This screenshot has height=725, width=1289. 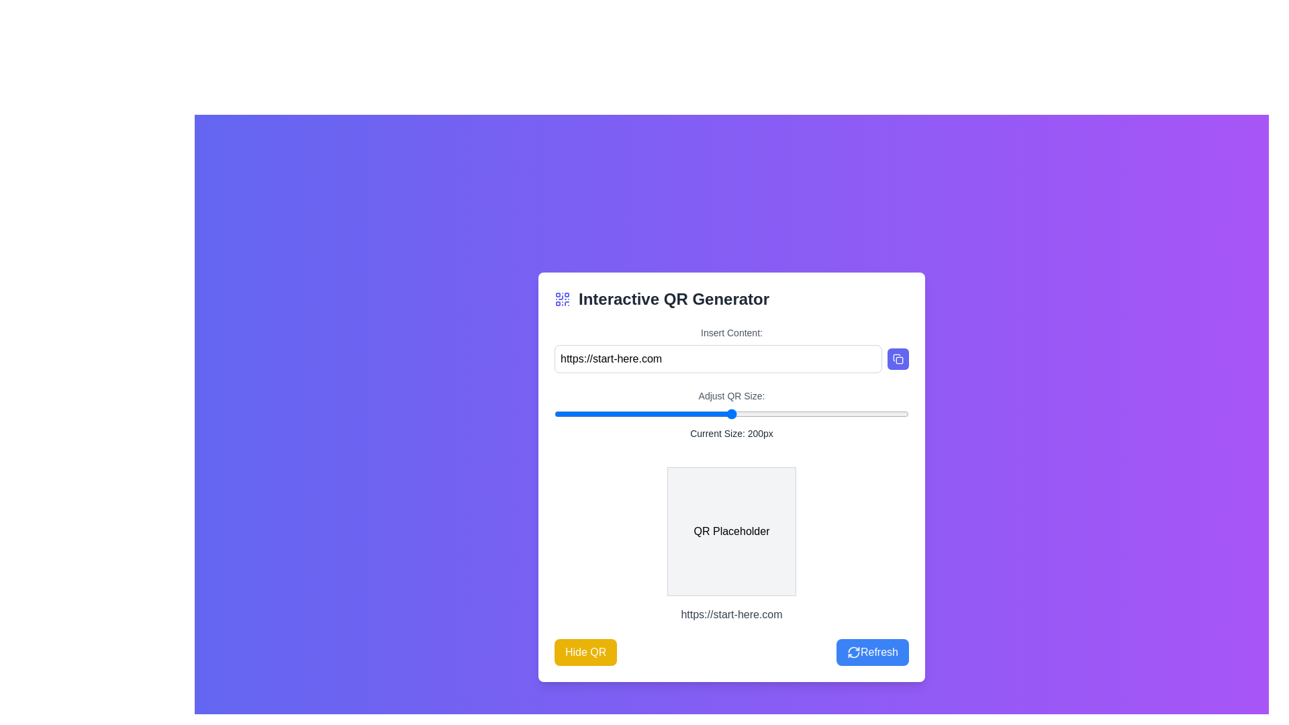 What do you see at coordinates (873, 652) in the screenshot?
I see `the refresh button located near the bottom-right corner of the white panel, positioned to the right of the 'Hide QR' button to refresh the displayed content` at bounding box center [873, 652].